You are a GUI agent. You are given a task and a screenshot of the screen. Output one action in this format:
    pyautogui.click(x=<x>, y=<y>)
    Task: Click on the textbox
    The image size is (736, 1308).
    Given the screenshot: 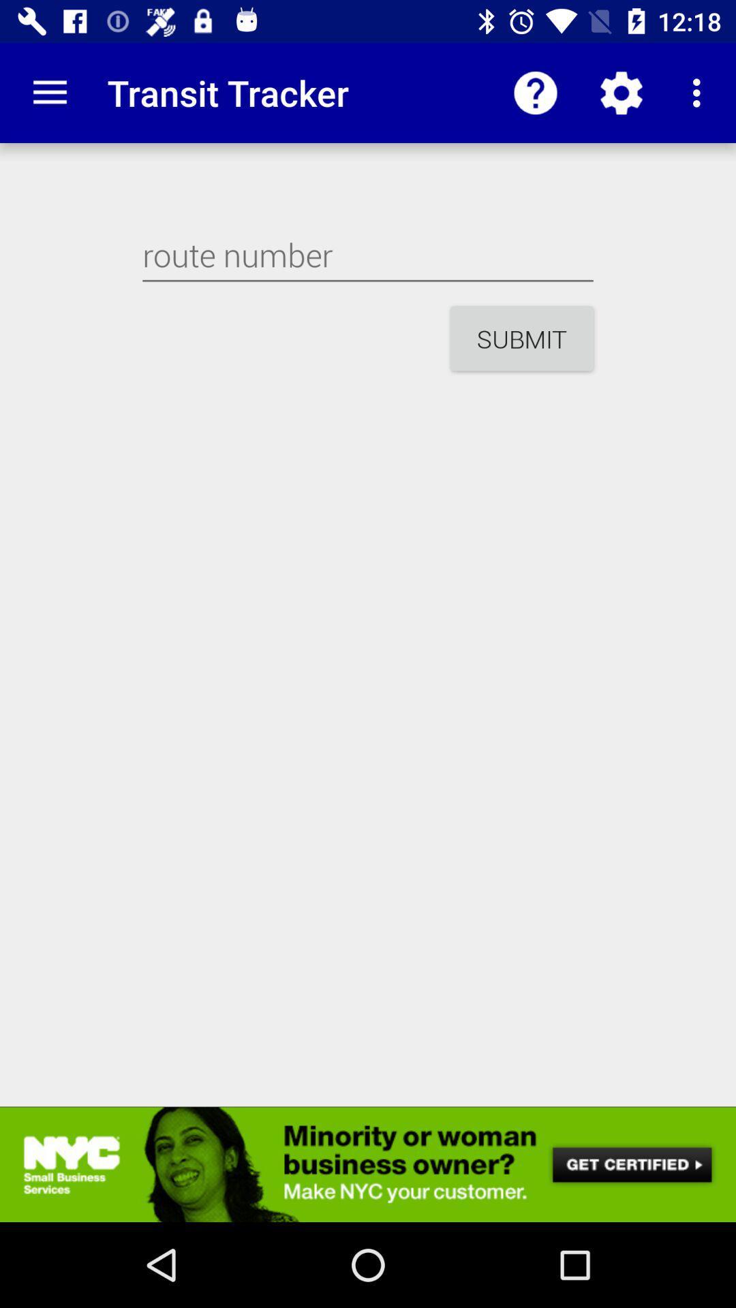 What is the action you would take?
    pyautogui.click(x=368, y=255)
    